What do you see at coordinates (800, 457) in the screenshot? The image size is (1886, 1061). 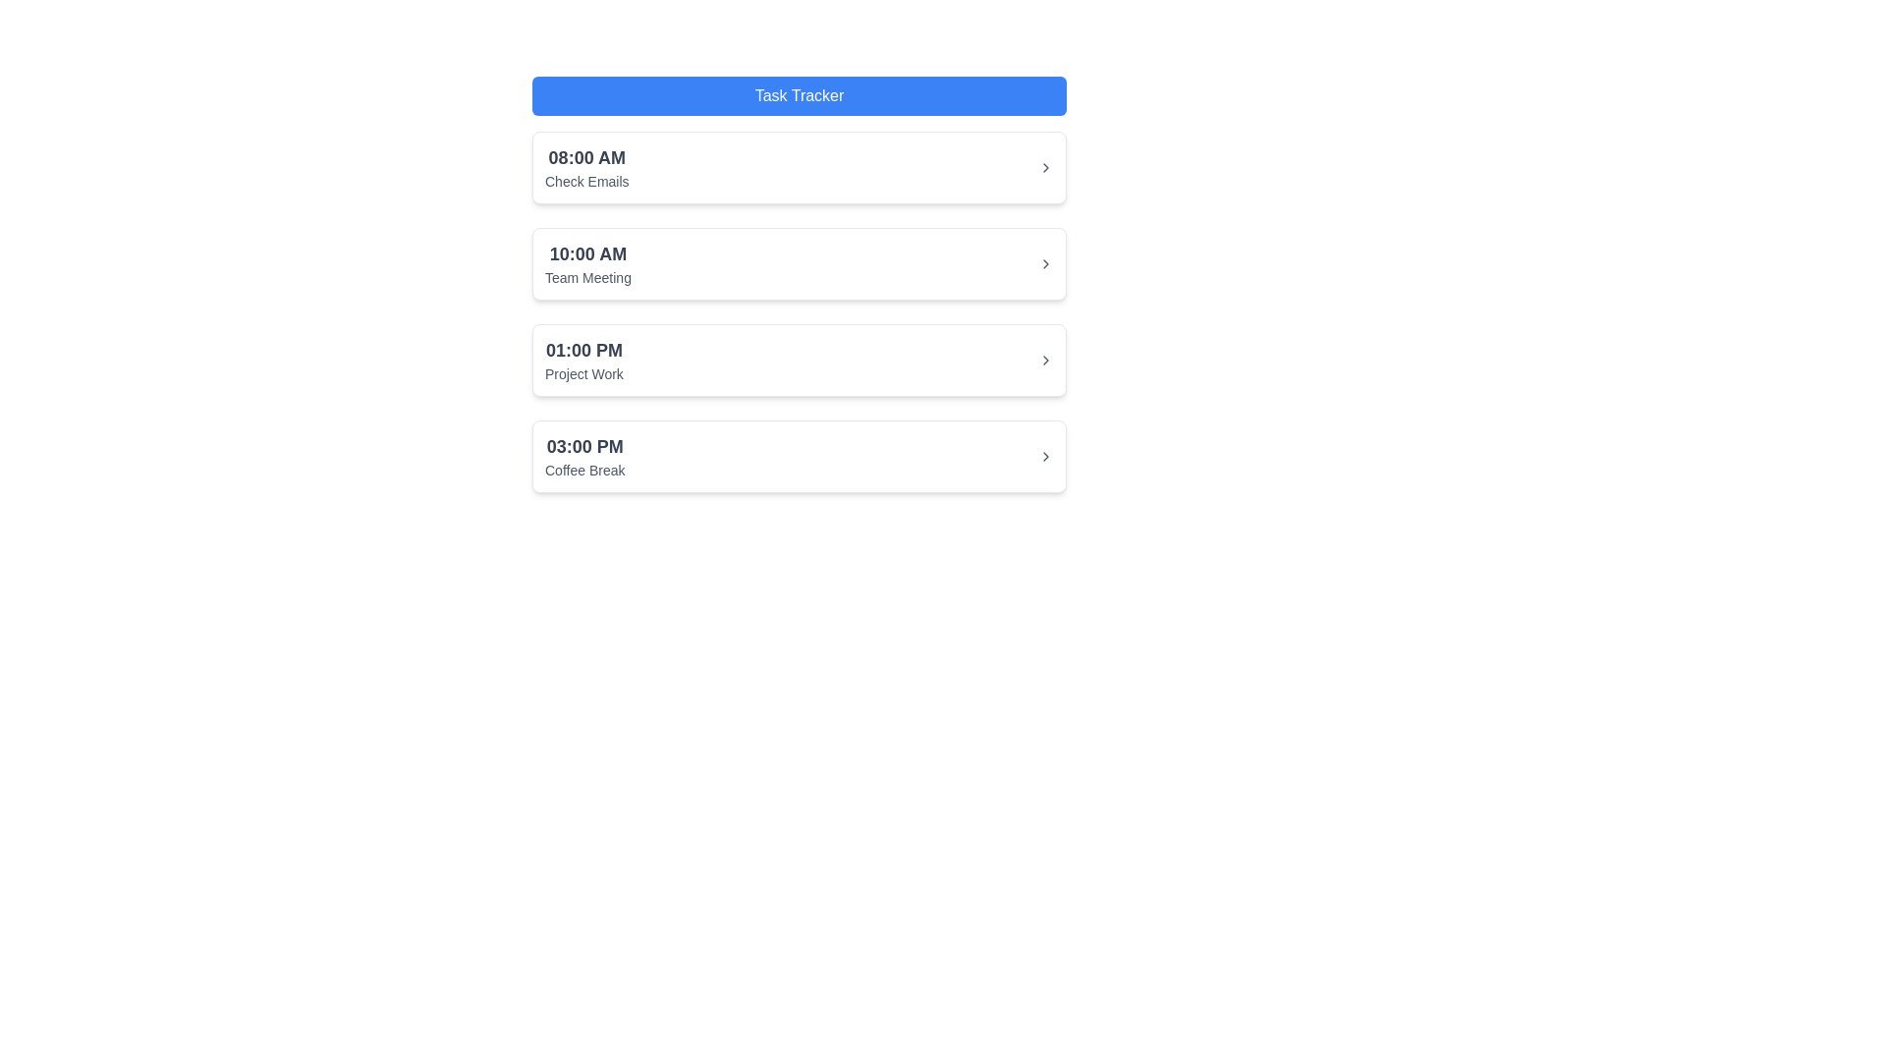 I see `the fourth list item representing the scheduled event 'Coffee Break' at 03:00 PM` at bounding box center [800, 457].